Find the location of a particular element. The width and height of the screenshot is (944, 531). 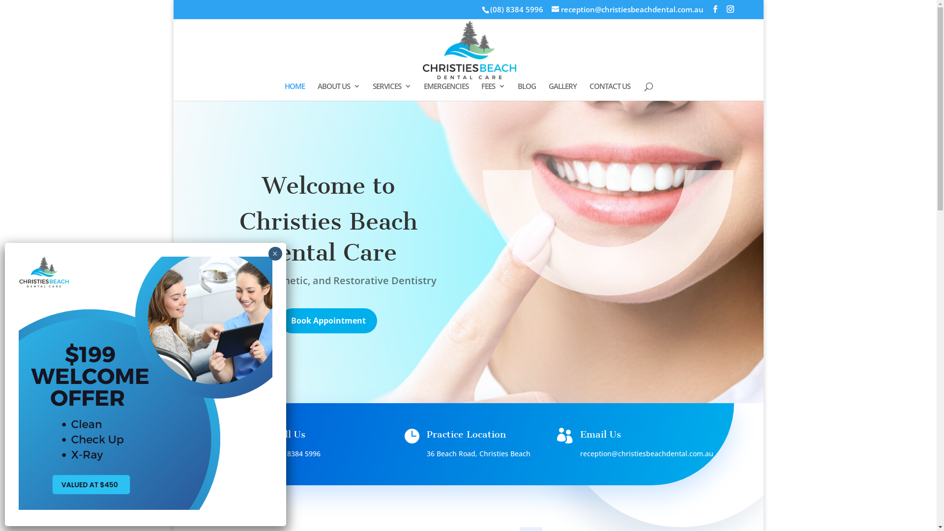

'(08) 8384 5996' is located at coordinates (273, 453).